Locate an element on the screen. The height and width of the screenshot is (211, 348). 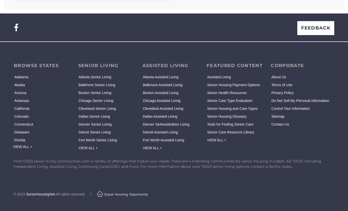
'Arkansas' is located at coordinates (14, 100).